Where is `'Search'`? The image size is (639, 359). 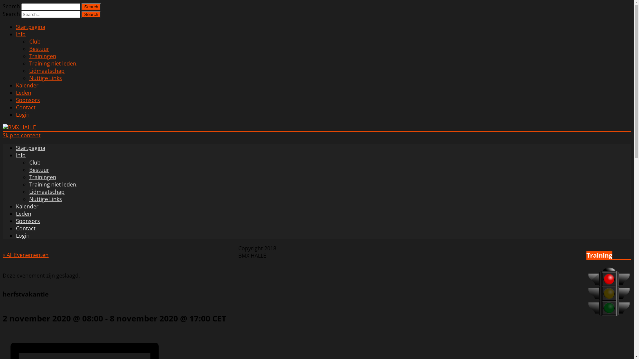
'Search' is located at coordinates (91, 7).